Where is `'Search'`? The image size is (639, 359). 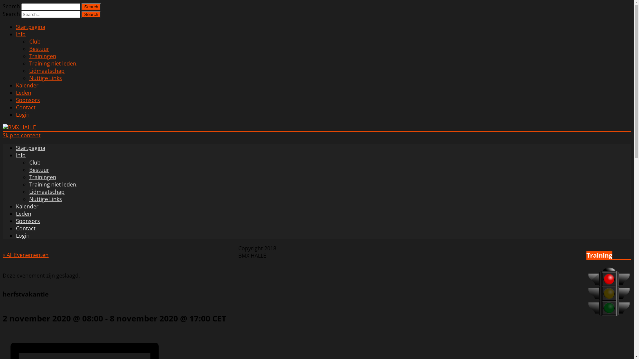
'Search' is located at coordinates (91, 7).